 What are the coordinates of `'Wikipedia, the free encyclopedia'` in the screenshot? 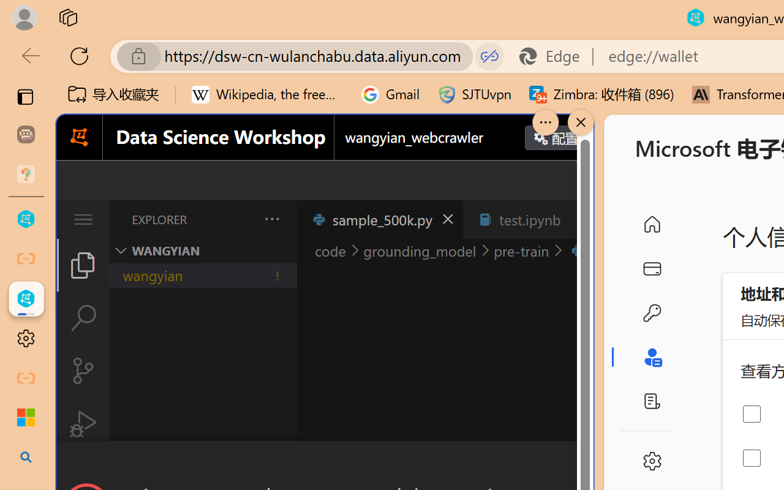 It's located at (267, 94).